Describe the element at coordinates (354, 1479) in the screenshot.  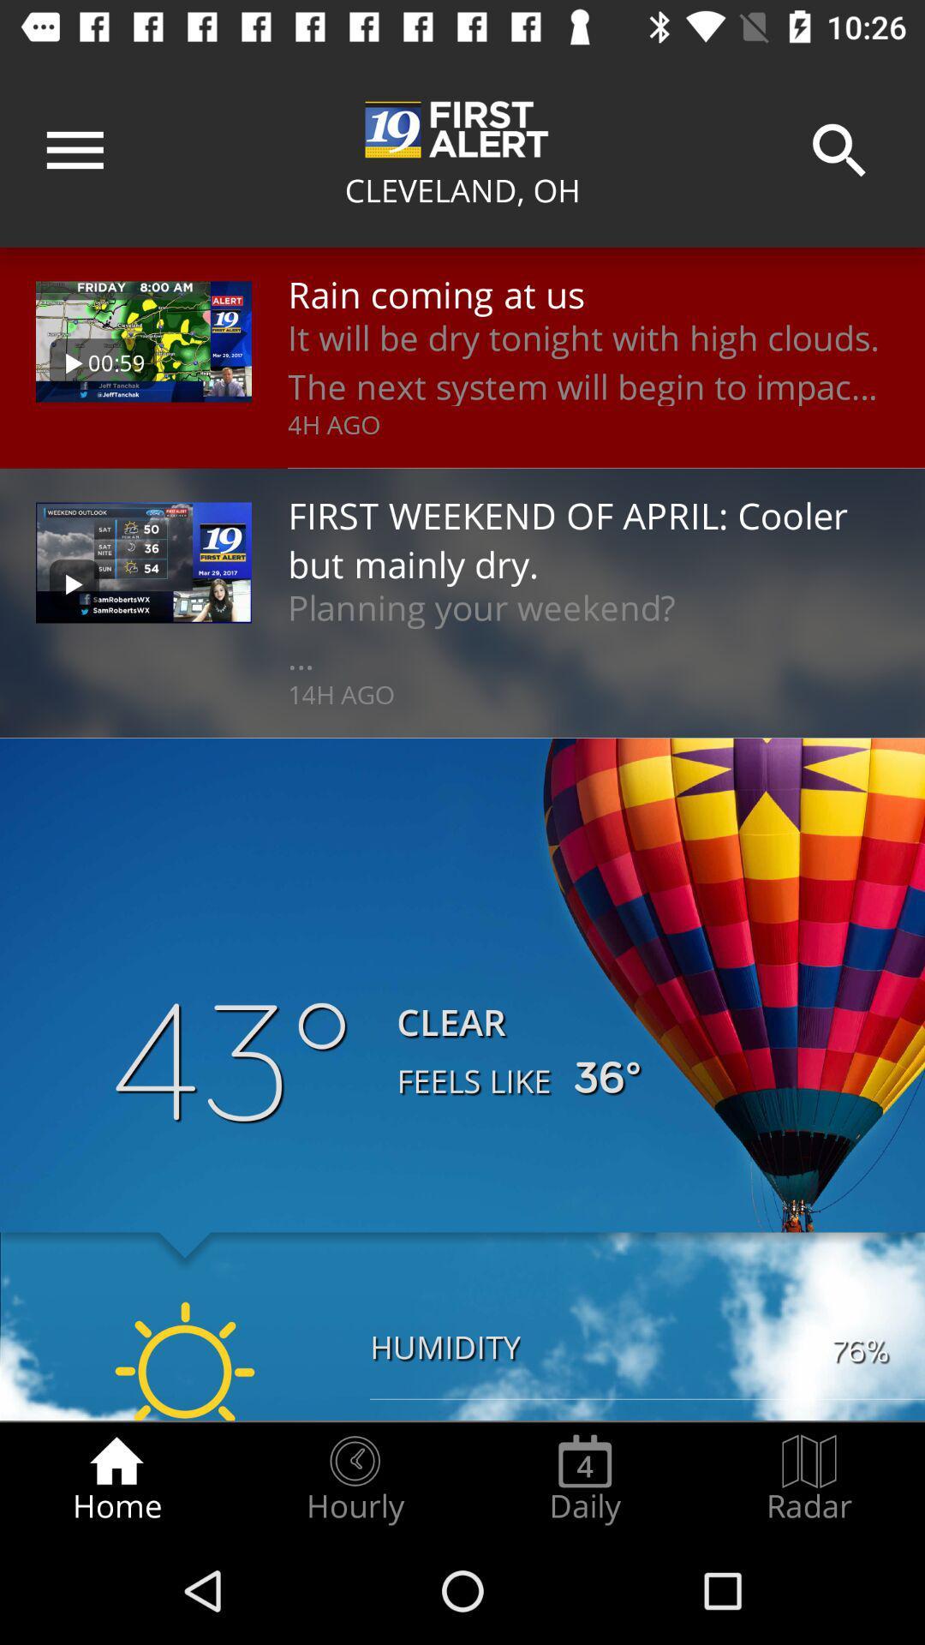
I see `icon next to home` at that location.